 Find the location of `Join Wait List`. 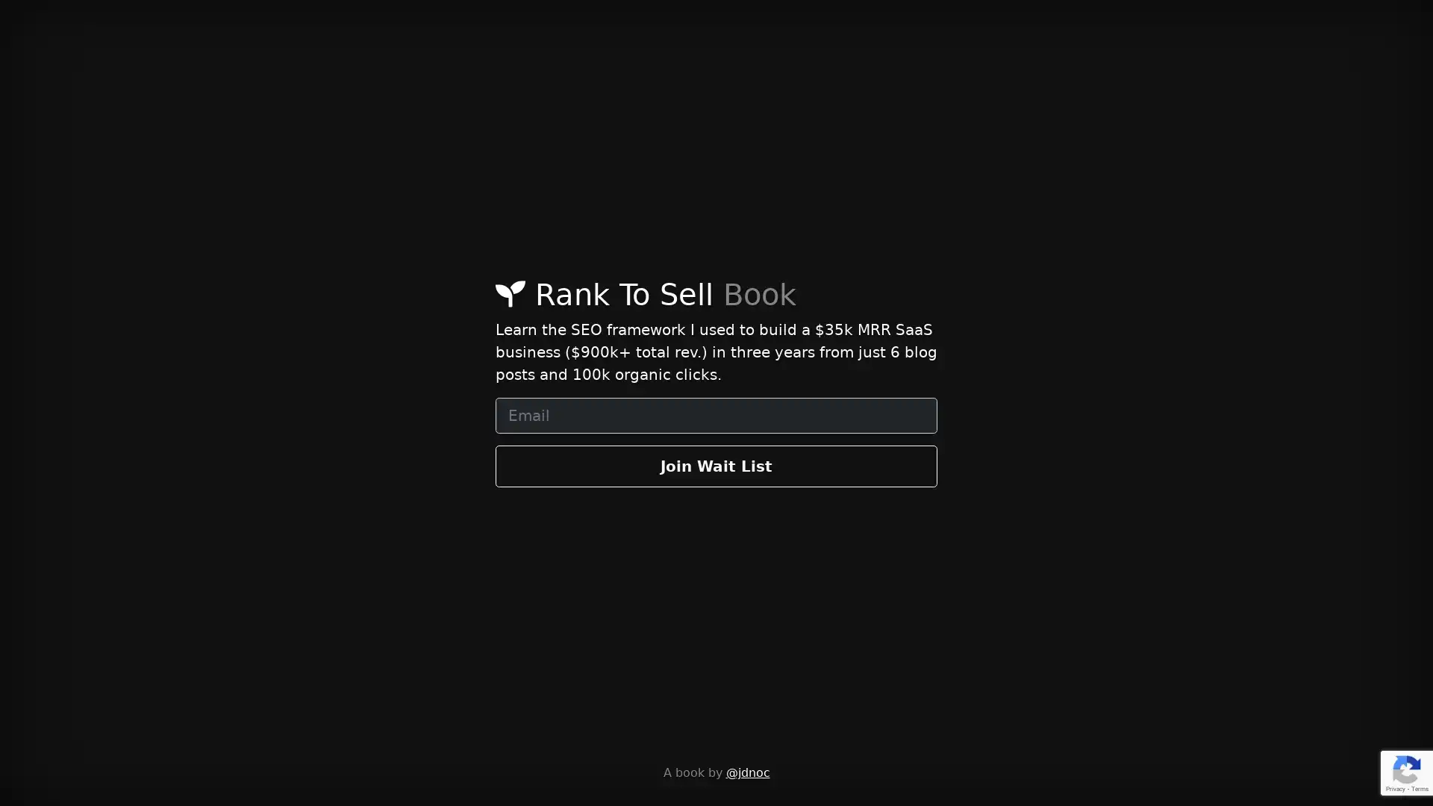

Join Wait List is located at coordinates (716, 465).